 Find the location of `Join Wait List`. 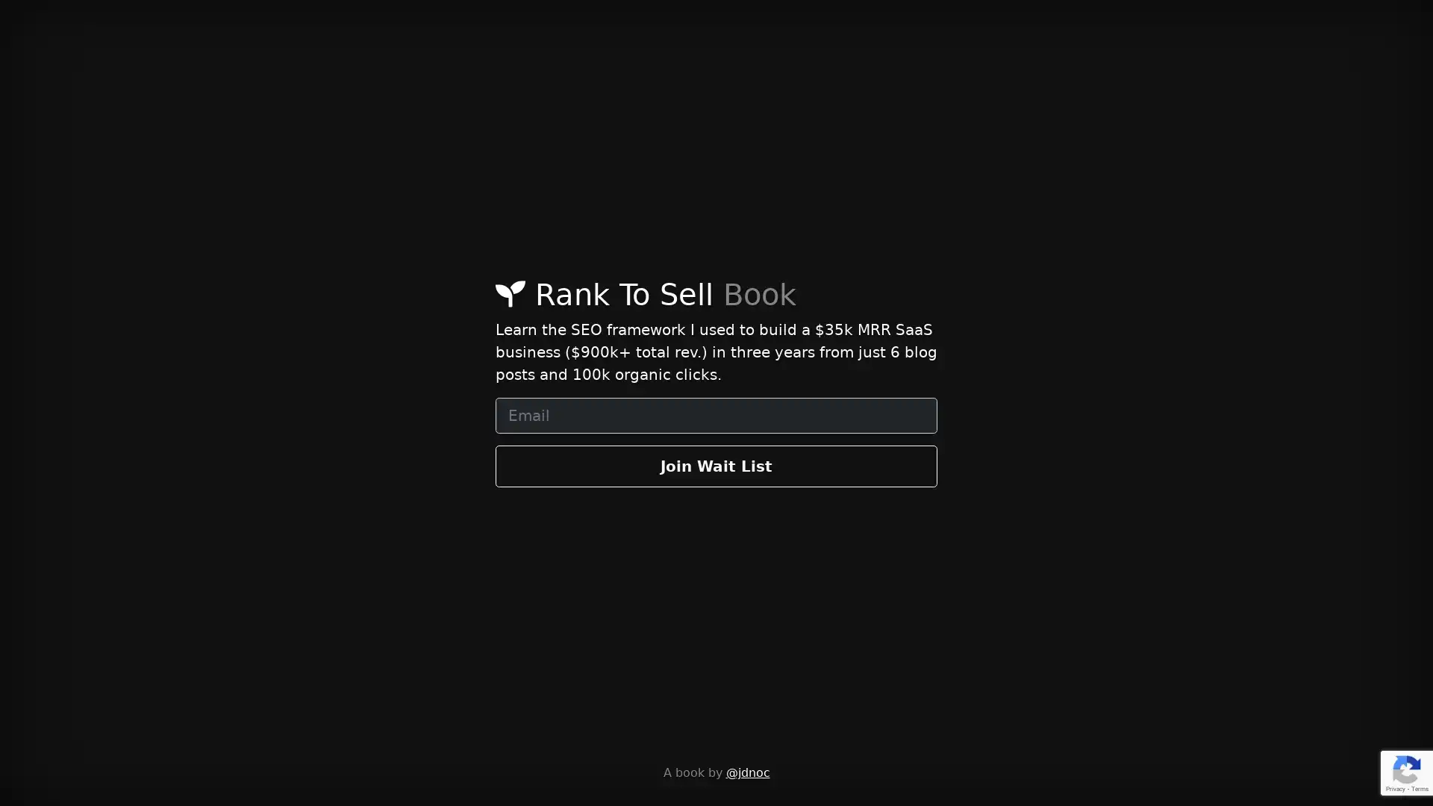

Join Wait List is located at coordinates (716, 465).